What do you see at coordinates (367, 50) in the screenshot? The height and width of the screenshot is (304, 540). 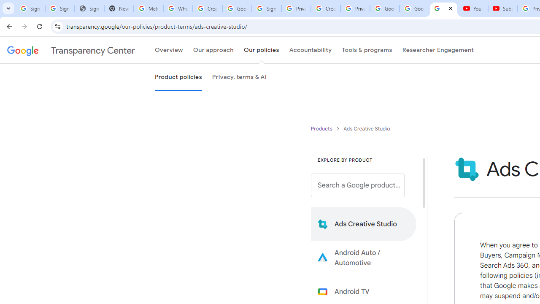 I see `'Tools & programs'` at bounding box center [367, 50].